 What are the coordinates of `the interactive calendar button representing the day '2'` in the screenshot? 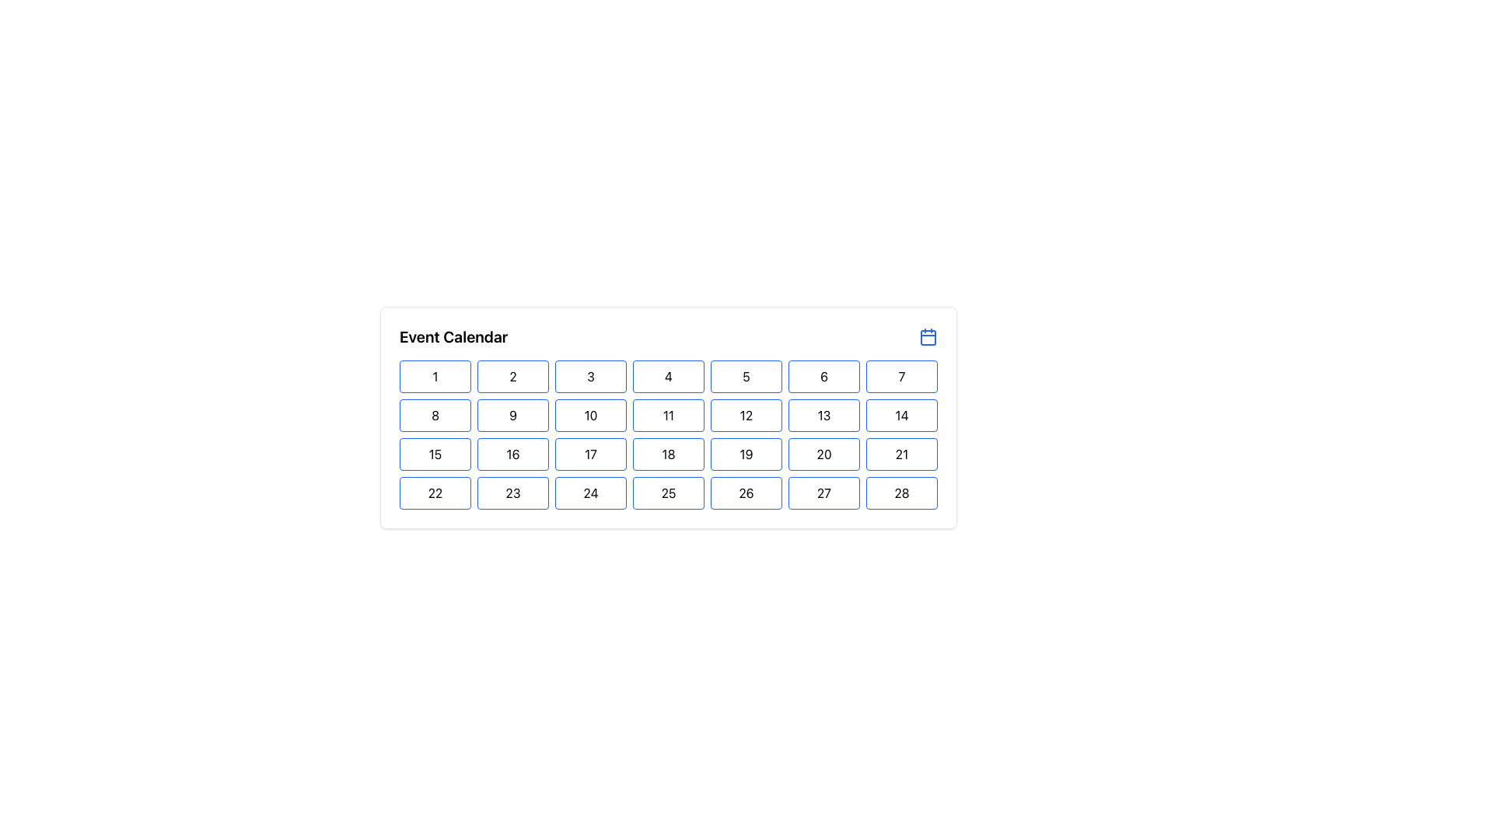 It's located at (513, 377).